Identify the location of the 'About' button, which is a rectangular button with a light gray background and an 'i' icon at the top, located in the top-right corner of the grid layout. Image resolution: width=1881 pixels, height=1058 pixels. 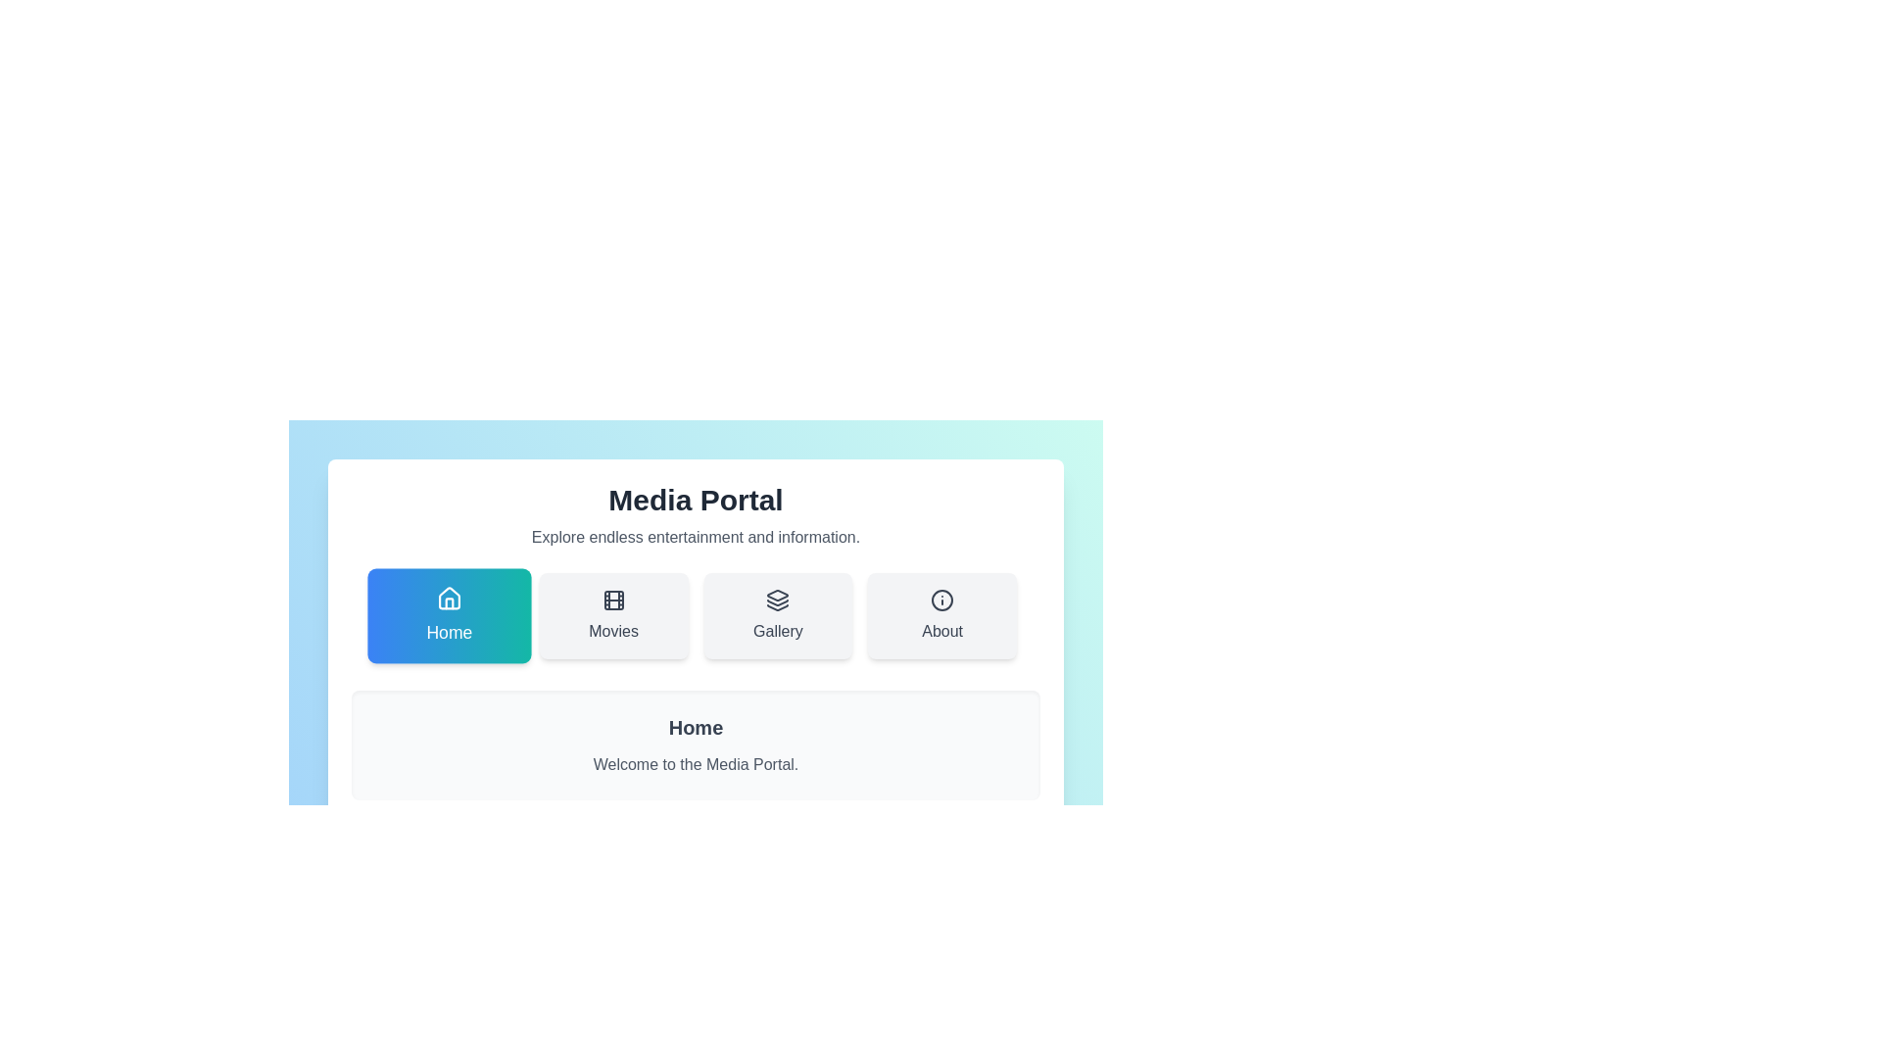
(942, 614).